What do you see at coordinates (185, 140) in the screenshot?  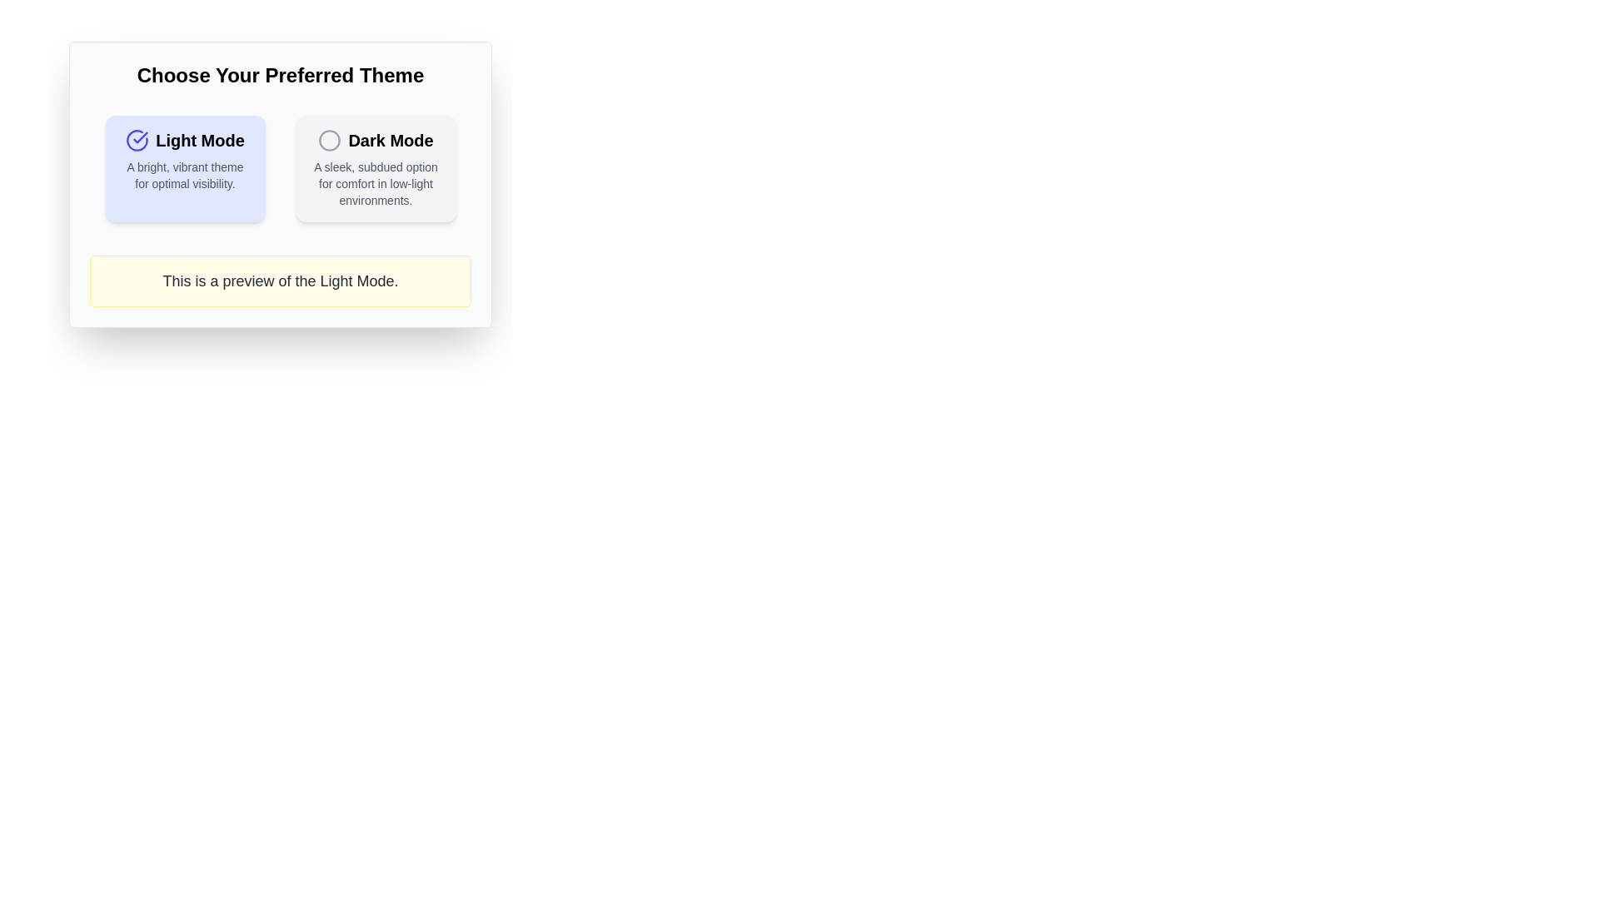 I see `'Light Mode' label, which is the title for the bright theme option located at the top of the left option card under 'Choose Your Preferred Theme'` at bounding box center [185, 140].